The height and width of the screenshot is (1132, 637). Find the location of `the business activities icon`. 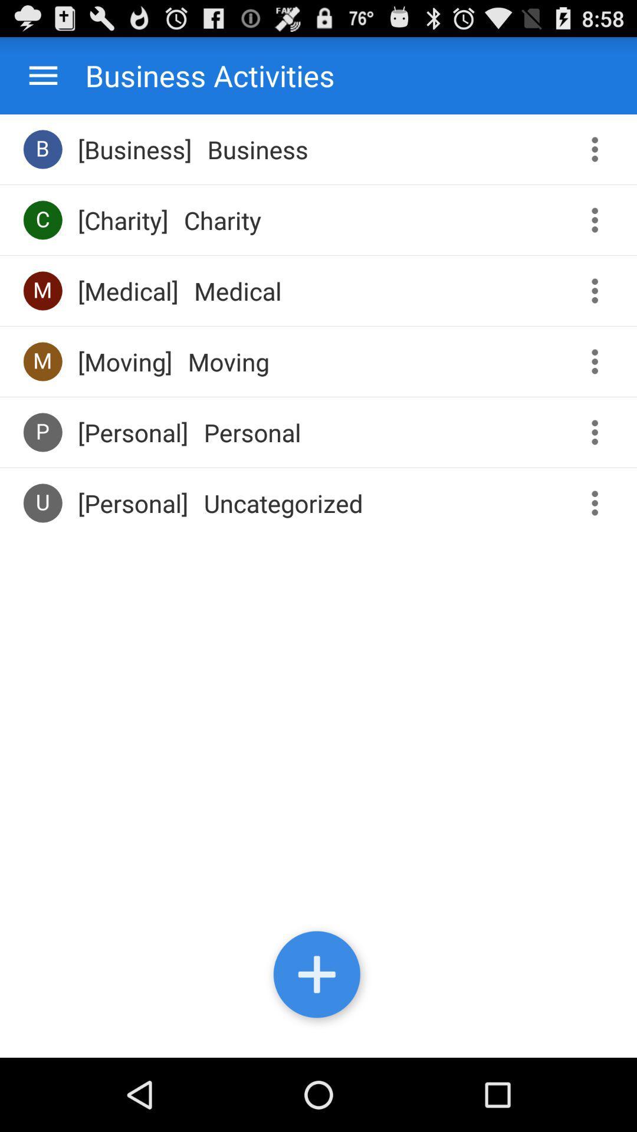

the business activities icon is located at coordinates (198, 75).